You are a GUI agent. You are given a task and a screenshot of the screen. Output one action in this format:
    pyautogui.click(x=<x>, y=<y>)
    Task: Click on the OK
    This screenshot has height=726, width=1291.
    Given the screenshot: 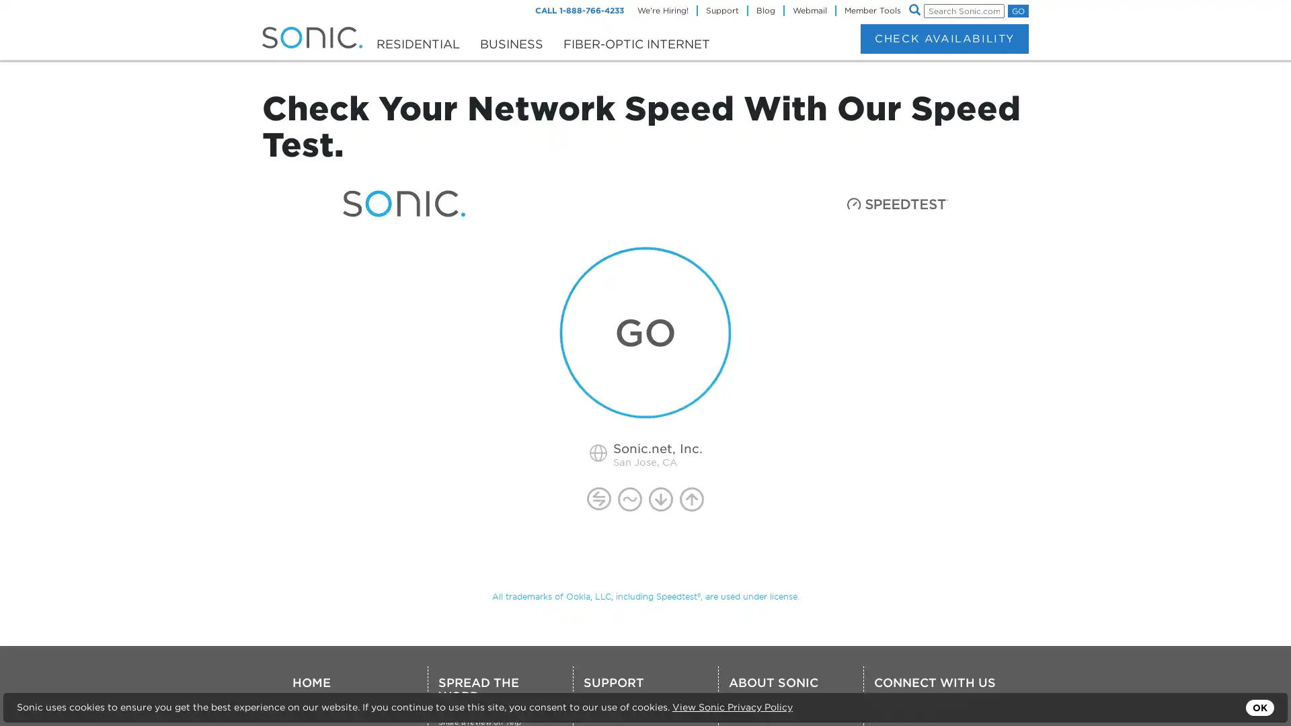 What is the action you would take?
    pyautogui.click(x=1259, y=707)
    